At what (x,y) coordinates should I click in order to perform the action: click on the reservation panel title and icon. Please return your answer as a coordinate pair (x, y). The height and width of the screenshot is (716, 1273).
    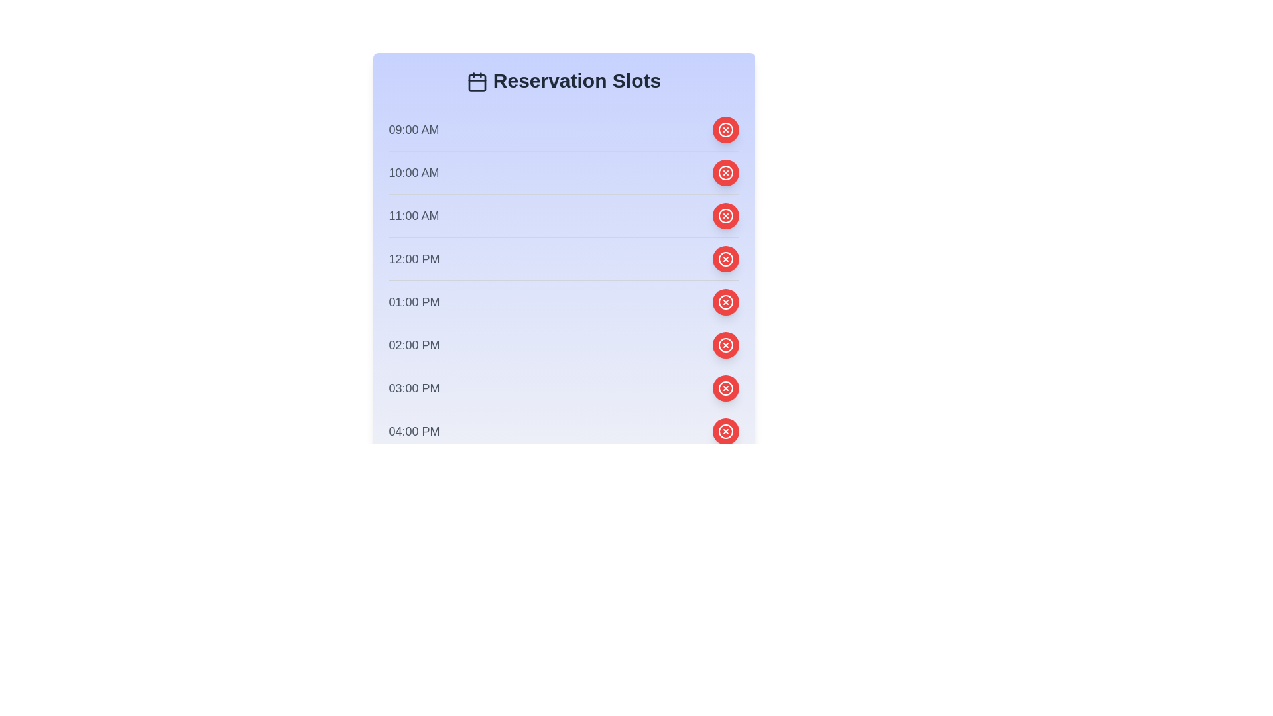
    Looking at the image, I should click on (564, 81).